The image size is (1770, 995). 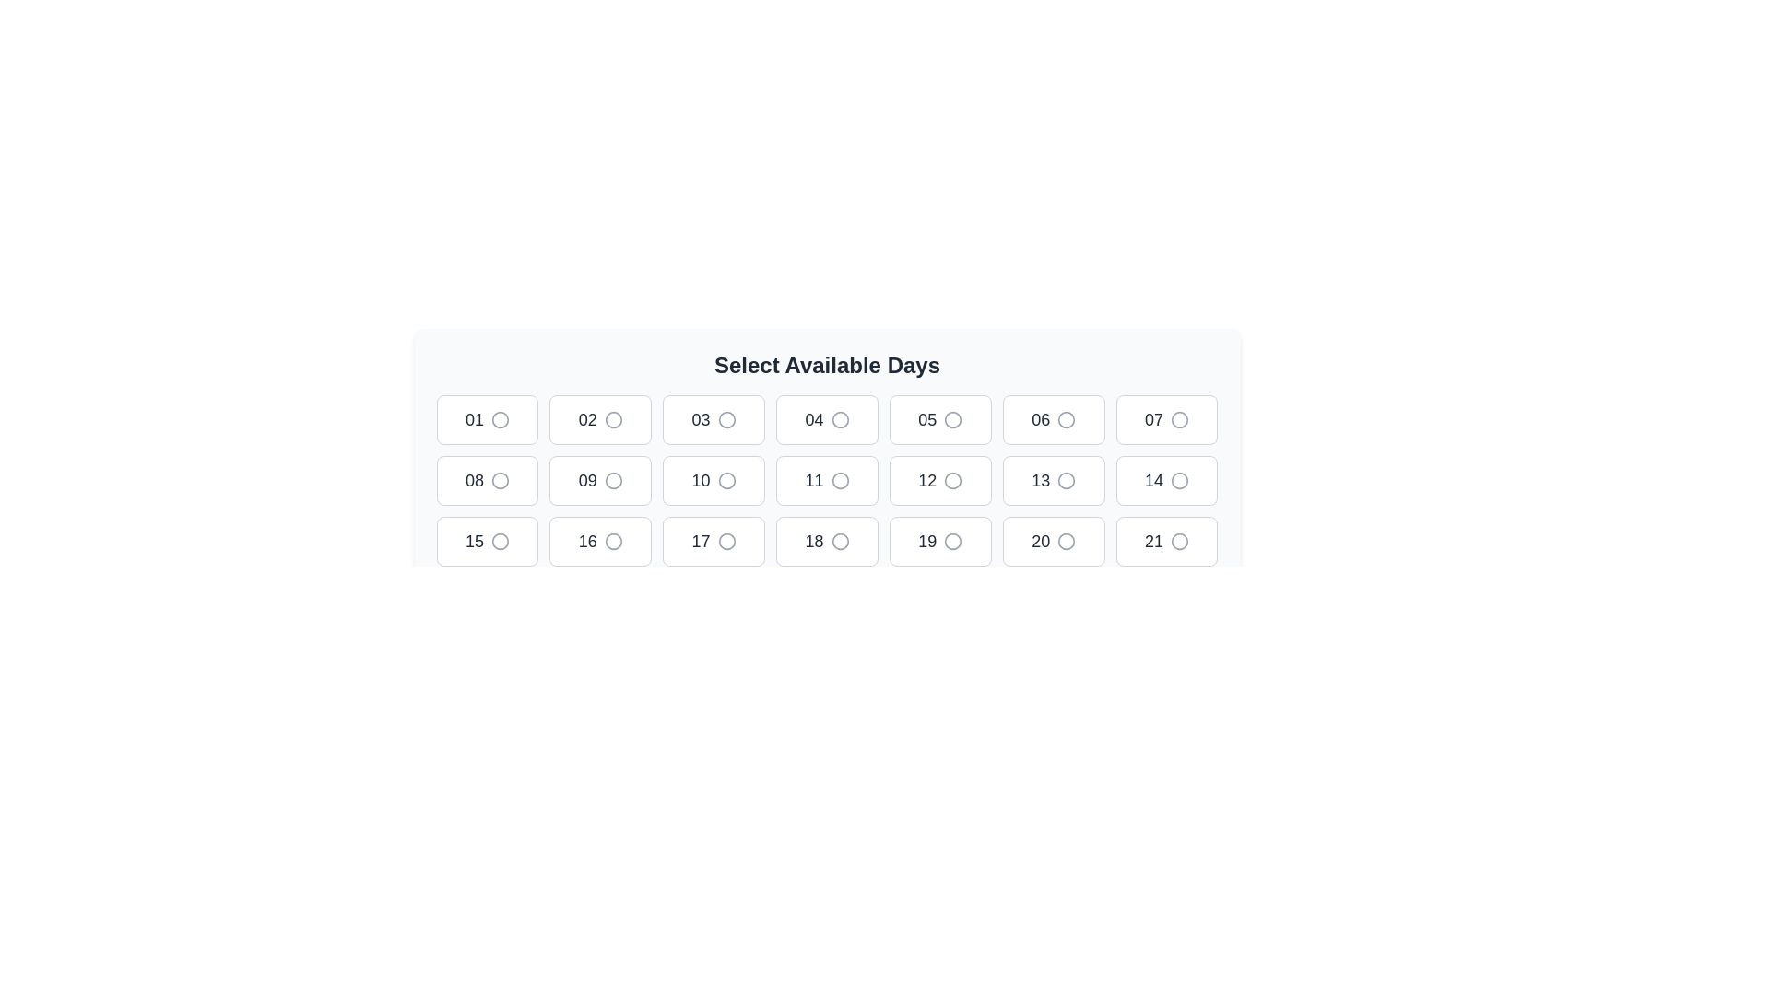 What do you see at coordinates (1041, 540) in the screenshot?
I see `text label indicating the day number on the button located in the fourth row, second from the left in the selection interface` at bounding box center [1041, 540].